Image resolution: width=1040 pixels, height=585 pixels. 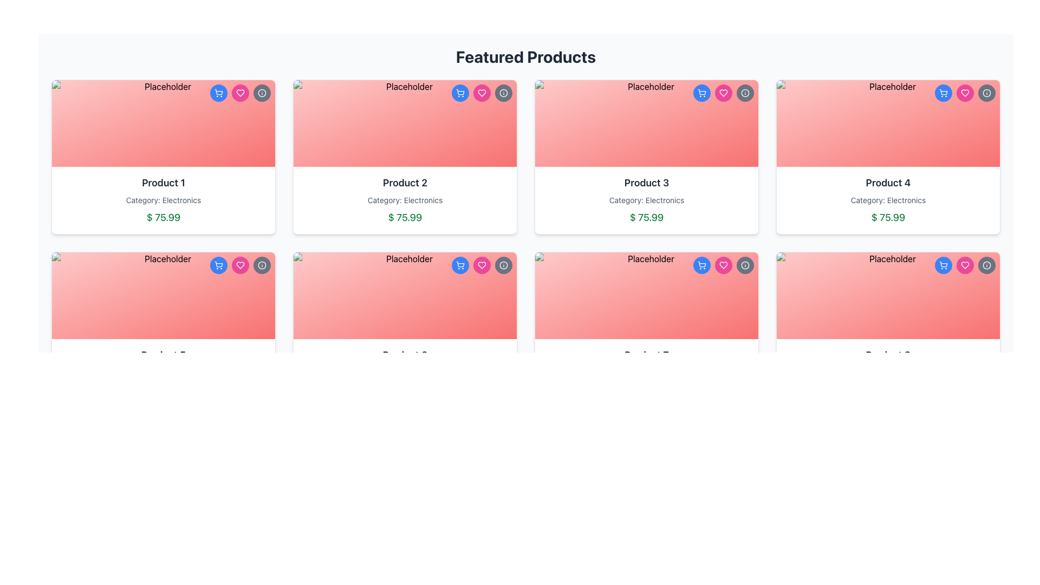 I want to click on the heart-shaped icon filled with a pink shade located at the top right corner of the 'Product 1' card, so click(x=240, y=265).